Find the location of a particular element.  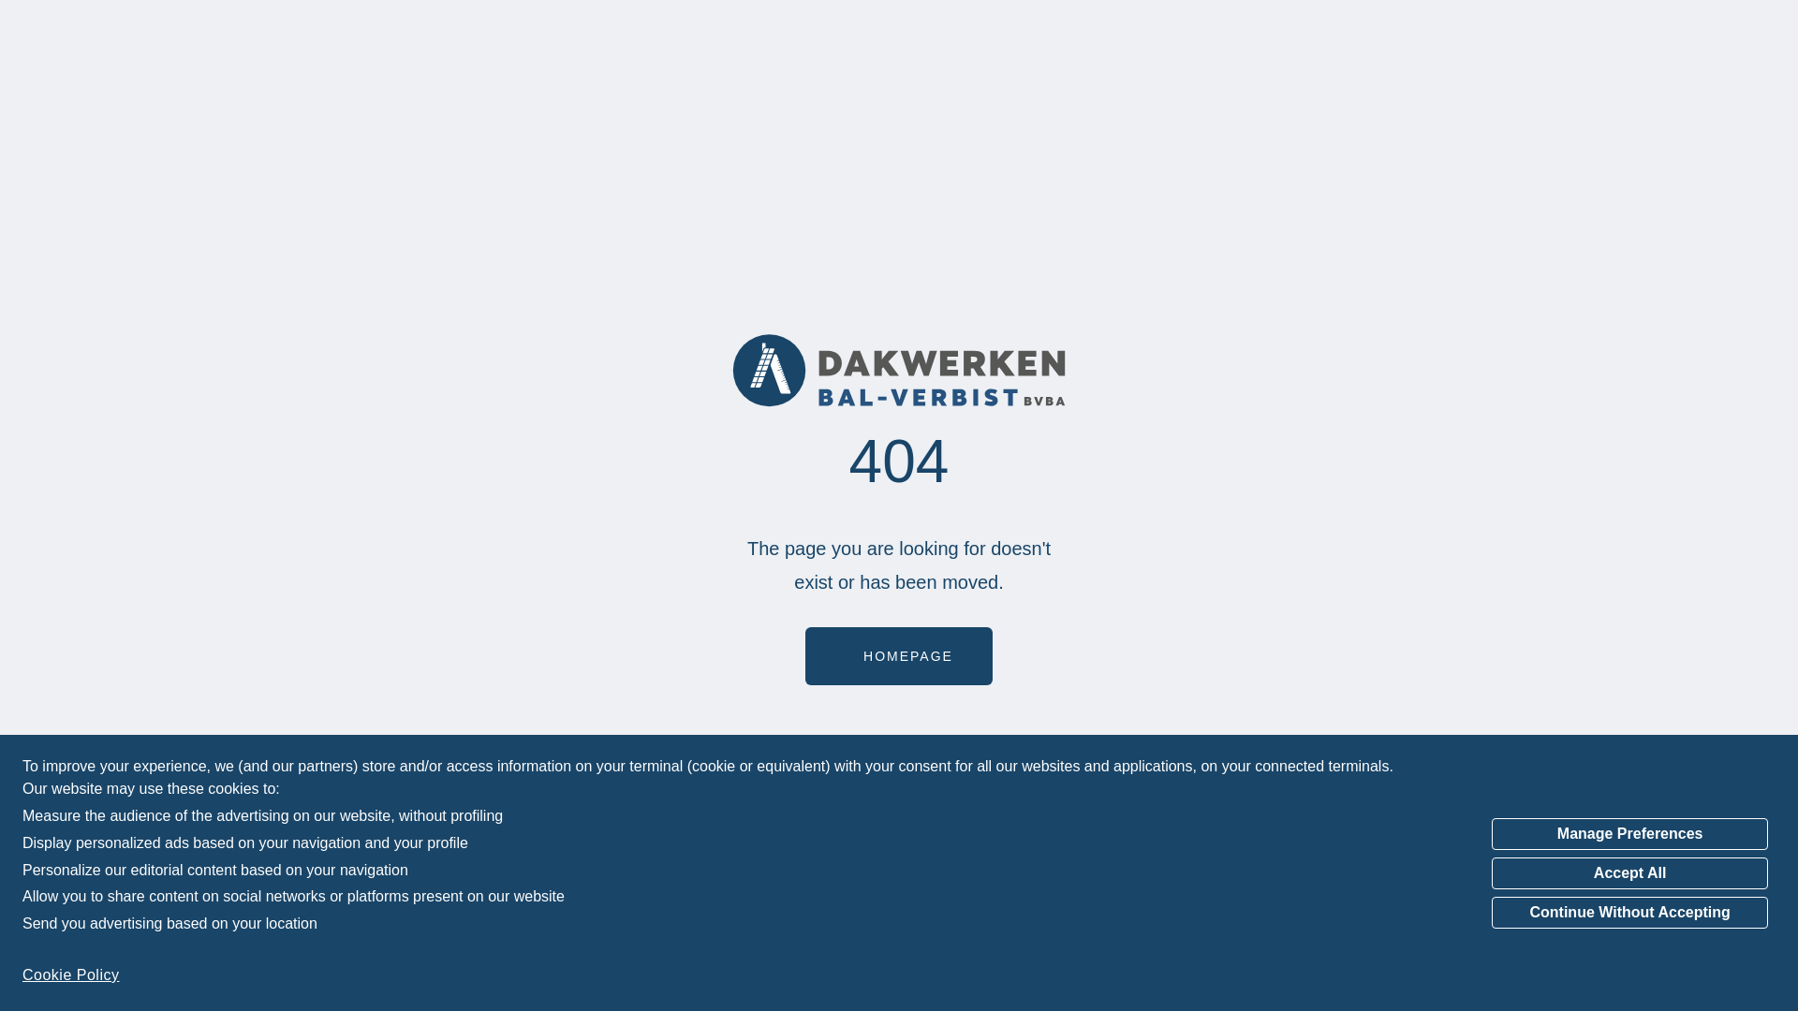

'Cookie Policy' is located at coordinates (70, 974).